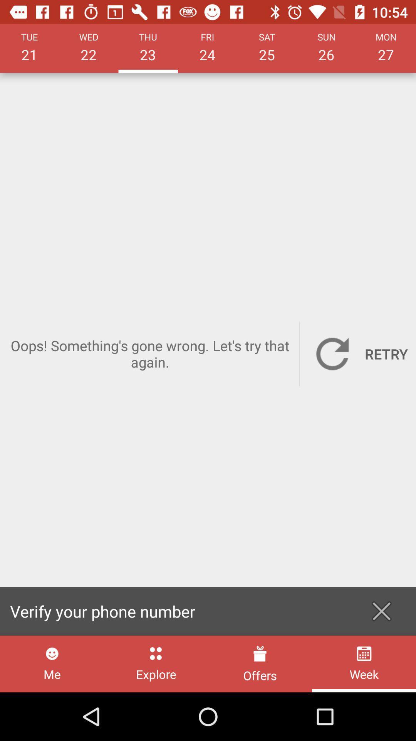  Describe the element at coordinates (358, 354) in the screenshot. I see `the item next to the oops something s` at that location.